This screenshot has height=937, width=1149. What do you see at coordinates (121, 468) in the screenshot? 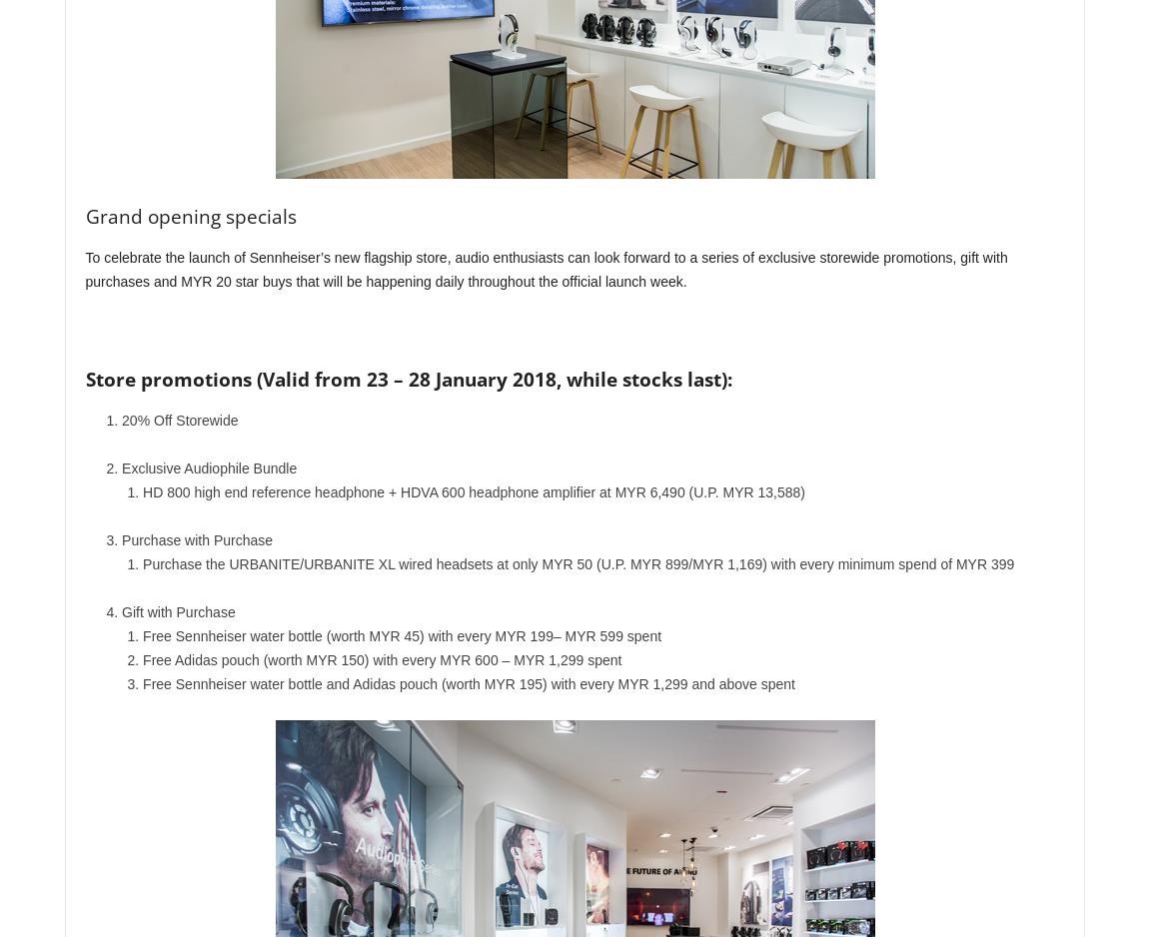
I see `'Exclusive Audiophile Bundle'` at bounding box center [121, 468].